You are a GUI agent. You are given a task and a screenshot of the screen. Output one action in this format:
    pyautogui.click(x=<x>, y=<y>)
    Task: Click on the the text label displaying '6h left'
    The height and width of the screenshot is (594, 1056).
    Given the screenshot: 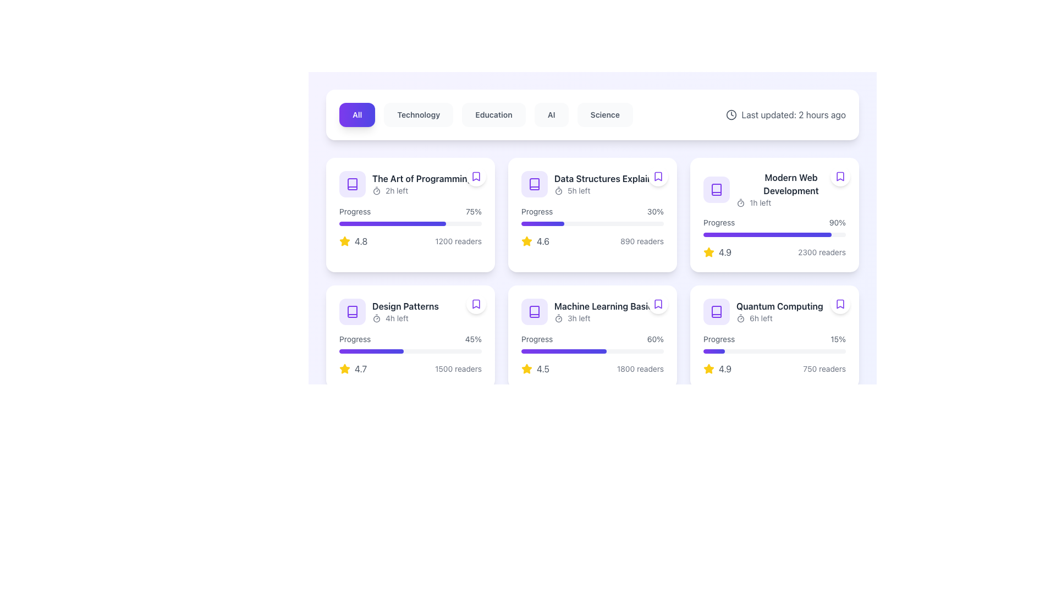 What is the action you would take?
    pyautogui.click(x=760, y=318)
    